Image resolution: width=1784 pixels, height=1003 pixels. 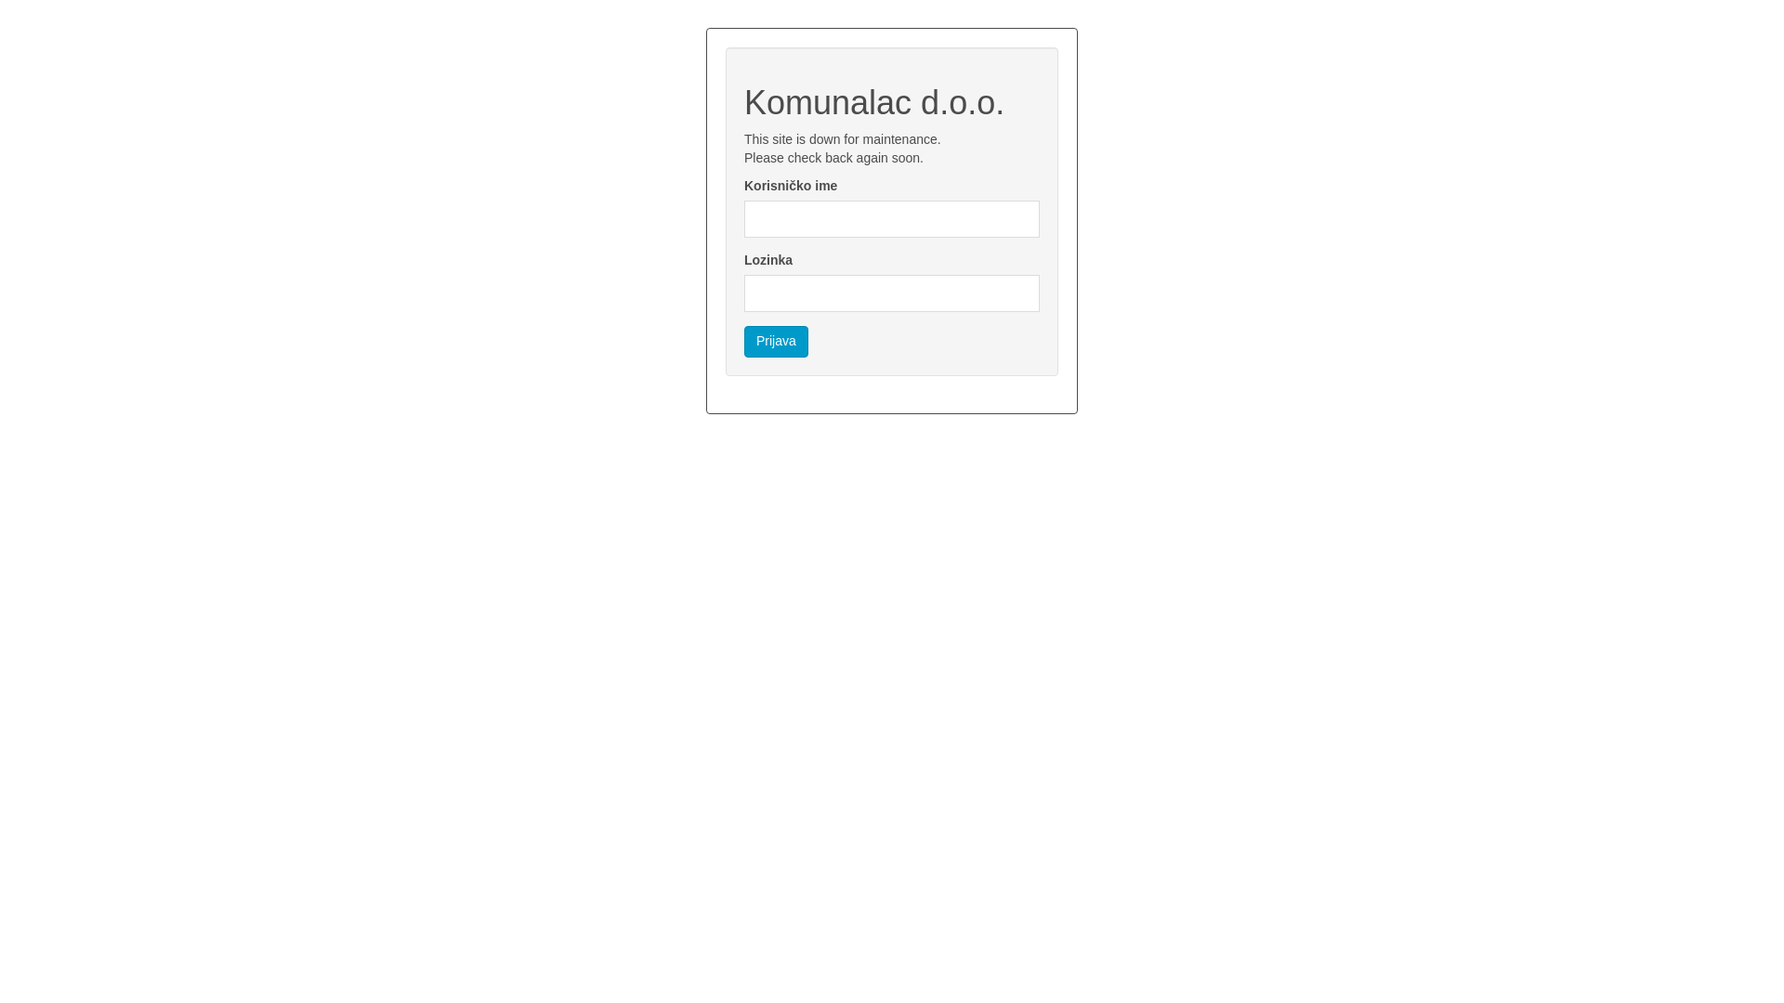 I want to click on 'Prijava', so click(x=776, y=341).